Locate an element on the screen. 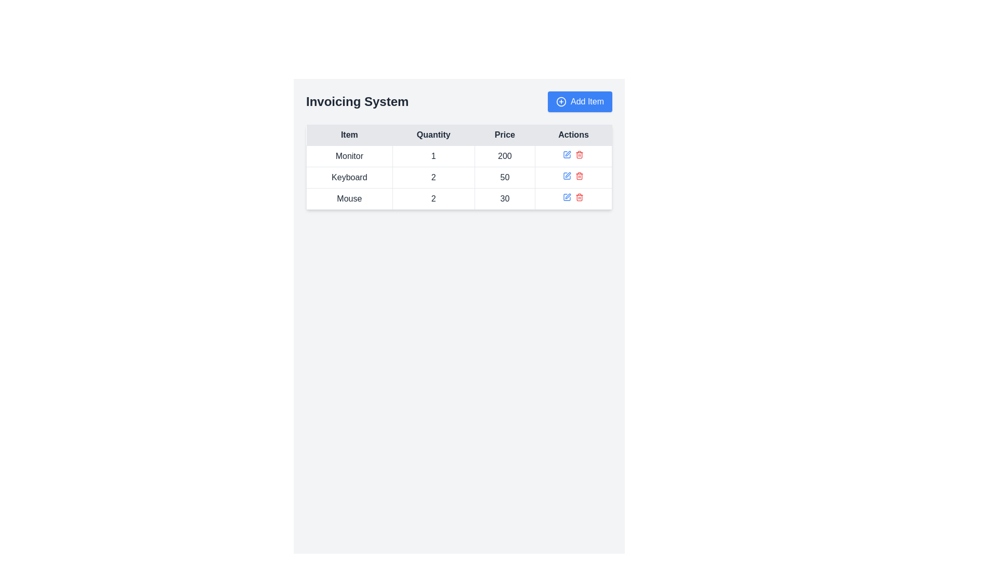 The width and height of the screenshot is (998, 561). the second row in the table displaying information and options related to the item 'Keyboard' is located at coordinates (458, 177).